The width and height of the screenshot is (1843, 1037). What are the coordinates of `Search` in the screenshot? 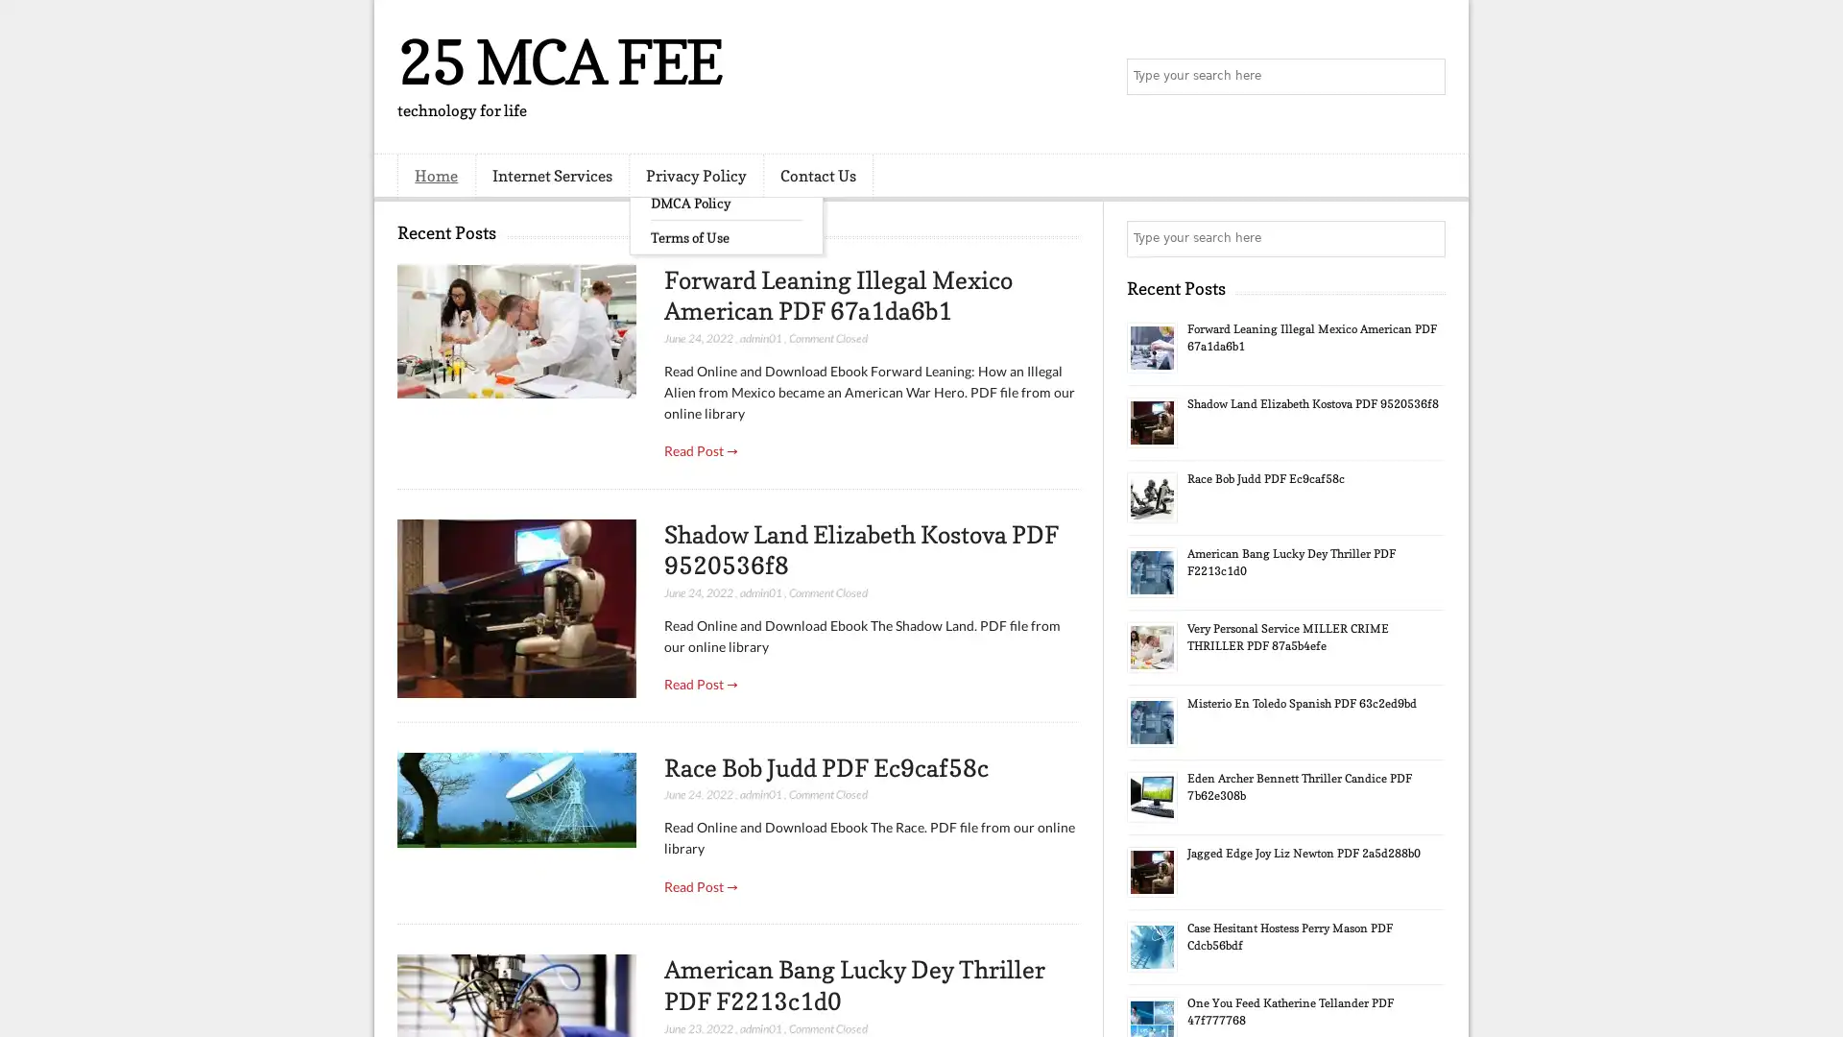 It's located at (1425, 77).